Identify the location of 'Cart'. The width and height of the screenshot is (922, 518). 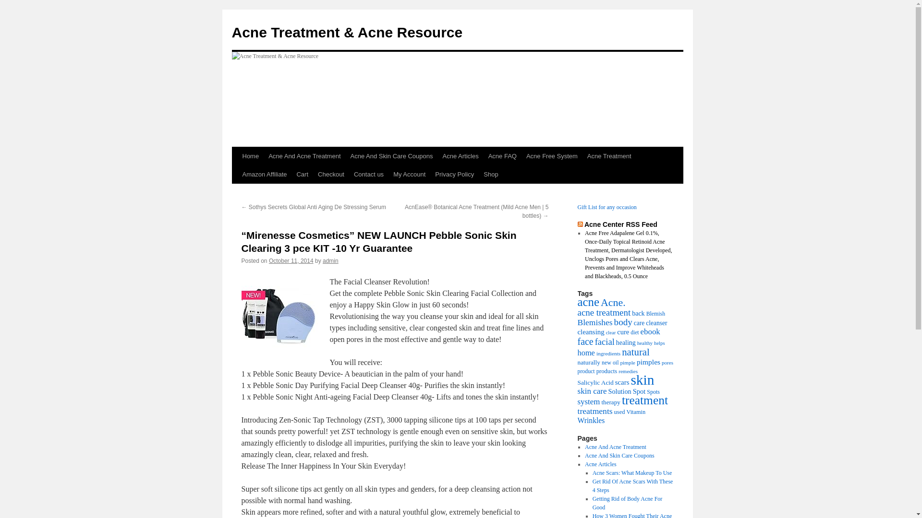
(302, 174).